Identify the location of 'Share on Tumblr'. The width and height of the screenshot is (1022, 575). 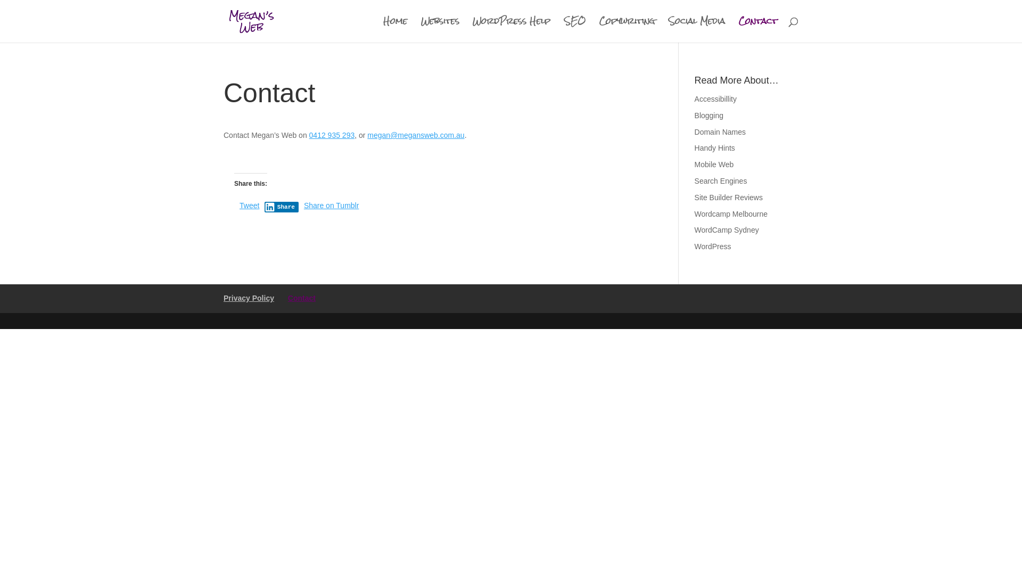
(303, 205).